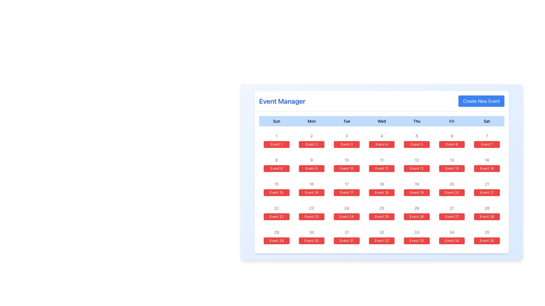 This screenshot has width=545, height=306. I want to click on the day marker indicating the date '2', so click(311, 136).